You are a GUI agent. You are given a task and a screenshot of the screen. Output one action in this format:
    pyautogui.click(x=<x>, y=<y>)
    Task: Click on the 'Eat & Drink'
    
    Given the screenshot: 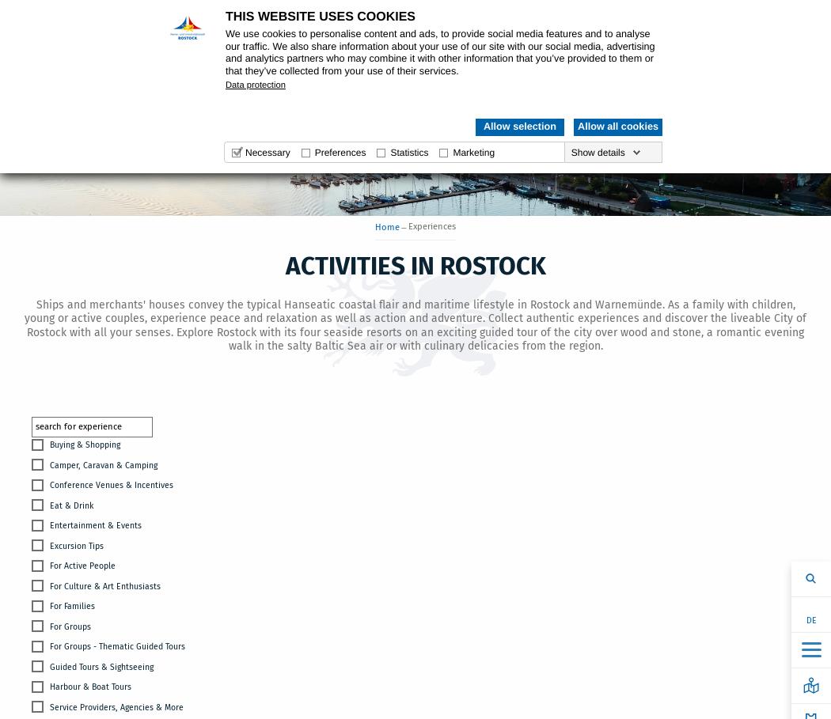 What is the action you would take?
    pyautogui.click(x=49, y=504)
    